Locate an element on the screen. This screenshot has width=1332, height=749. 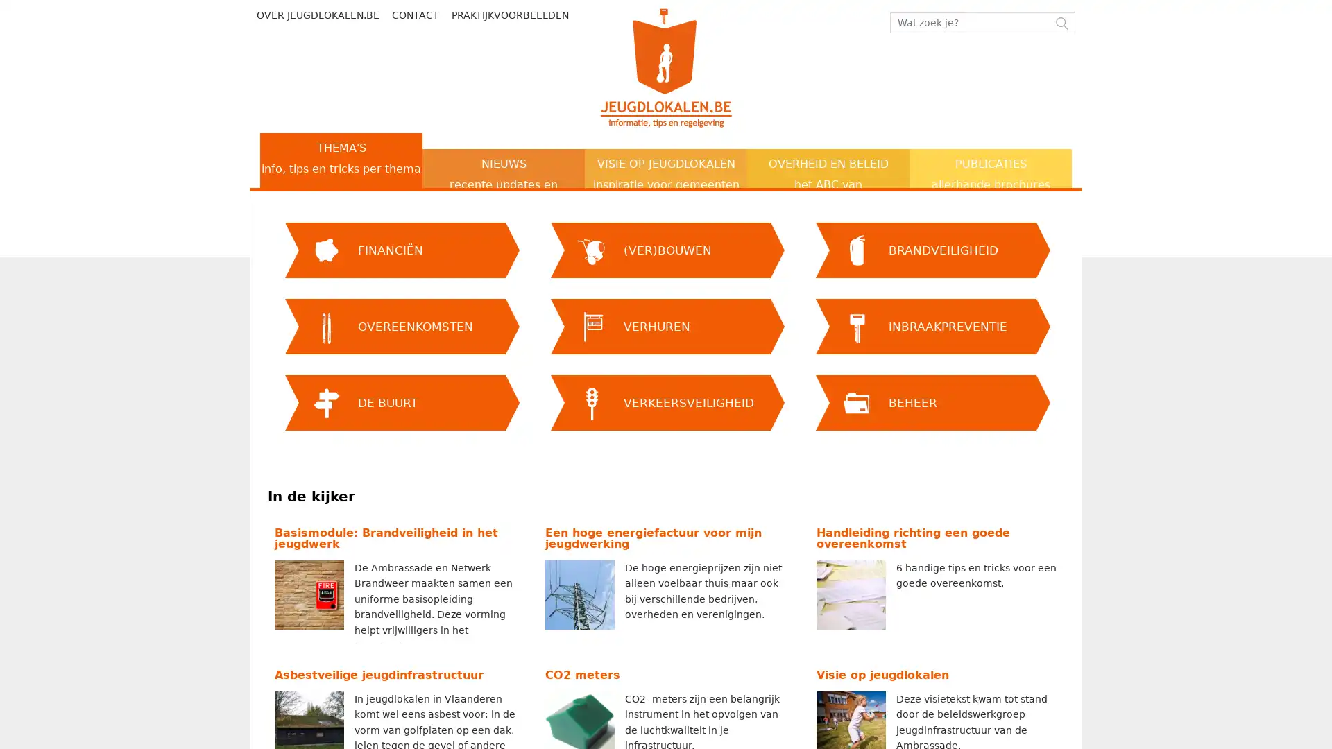
Toepassen is located at coordinates (270, 198).